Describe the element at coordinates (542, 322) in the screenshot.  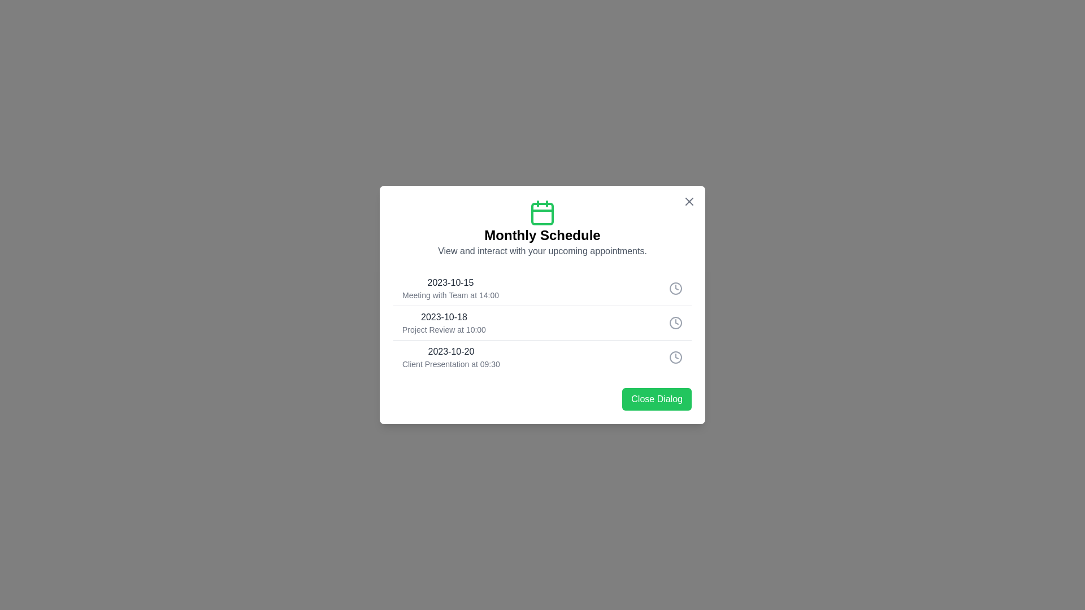
I see `the event 2023-10-18 Project Review at 10:00 from the list to view its details` at that location.